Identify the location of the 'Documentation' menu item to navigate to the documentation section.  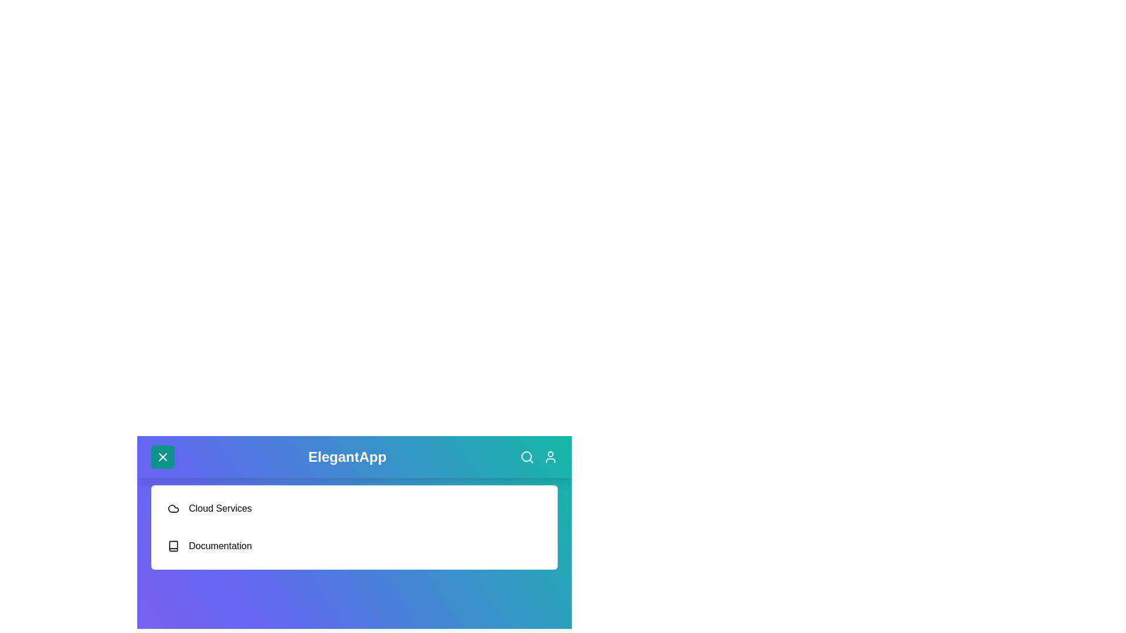
(219, 546).